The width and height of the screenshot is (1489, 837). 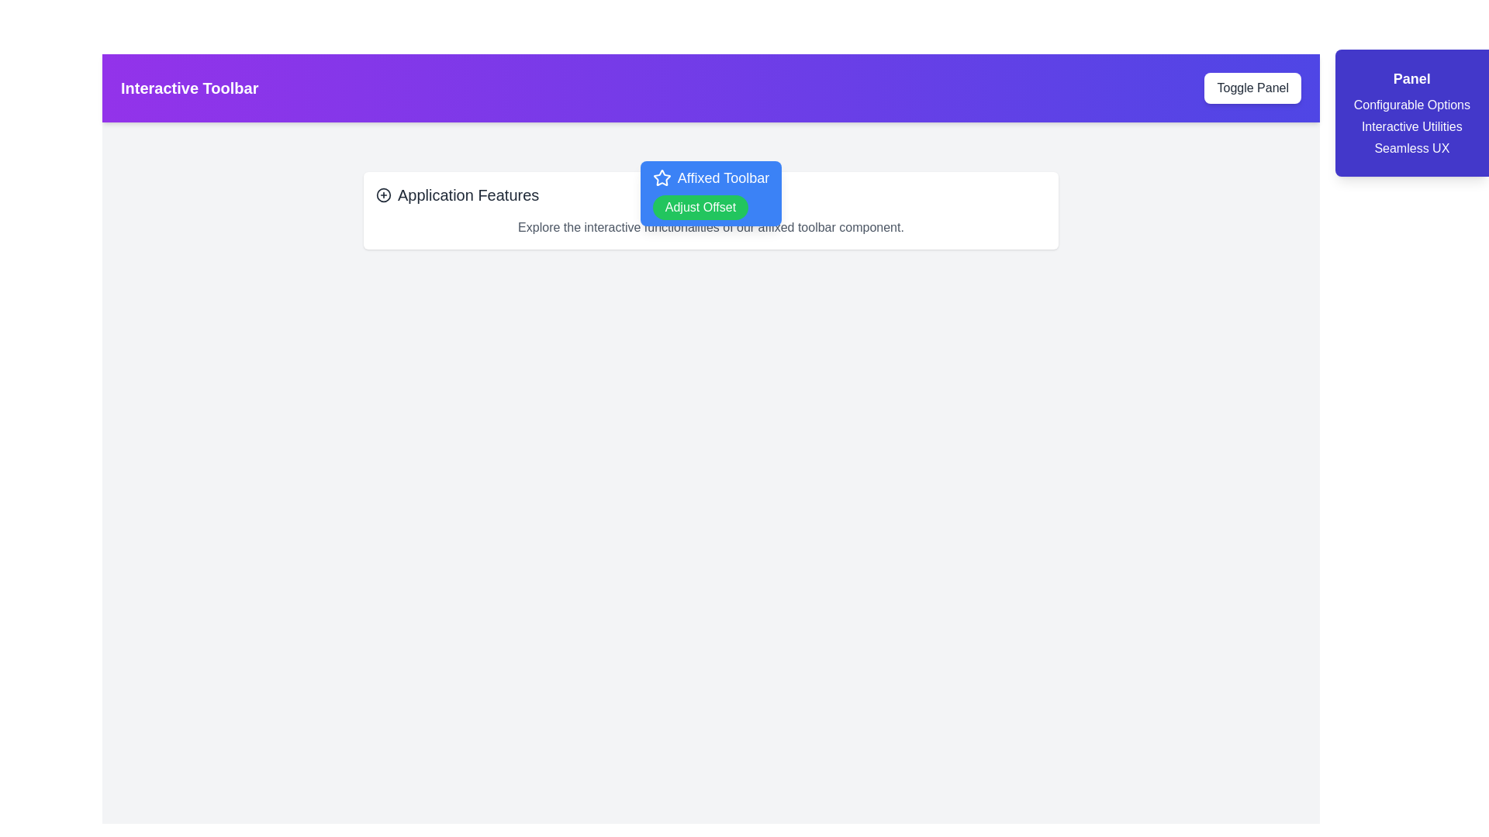 What do you see at coordinates (710, 193) in the screenshot?
I see `the green button labeled 'Adjust Offset' in the Affixed Toolbar, which has a blue background and white text` at bounding box center [710, 193].